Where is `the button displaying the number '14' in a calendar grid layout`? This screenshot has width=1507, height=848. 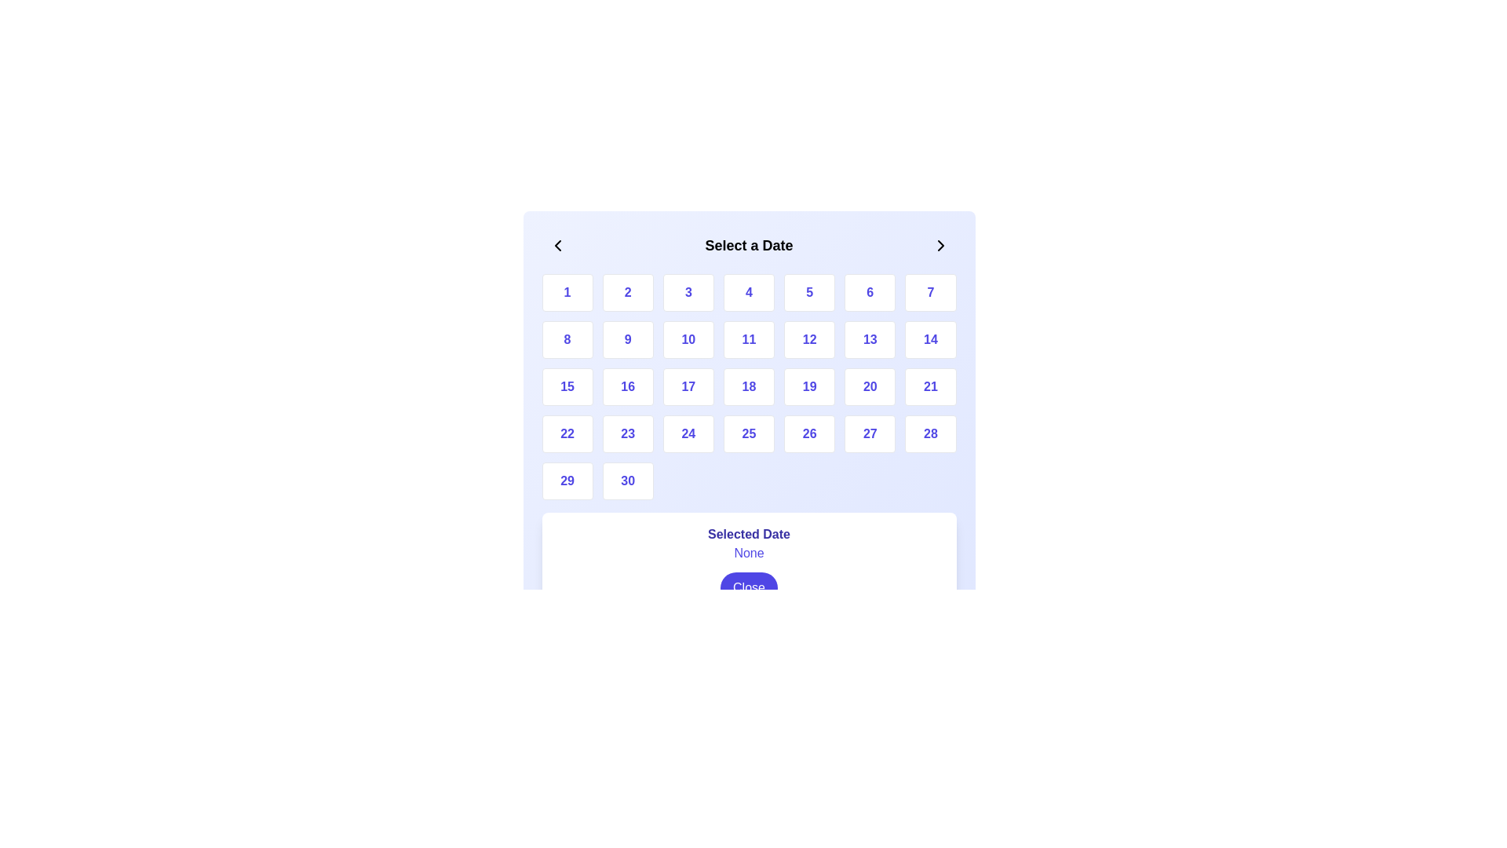
the button displaying the number '14' in a calendar grid layout is located at coordinates (930, 338).